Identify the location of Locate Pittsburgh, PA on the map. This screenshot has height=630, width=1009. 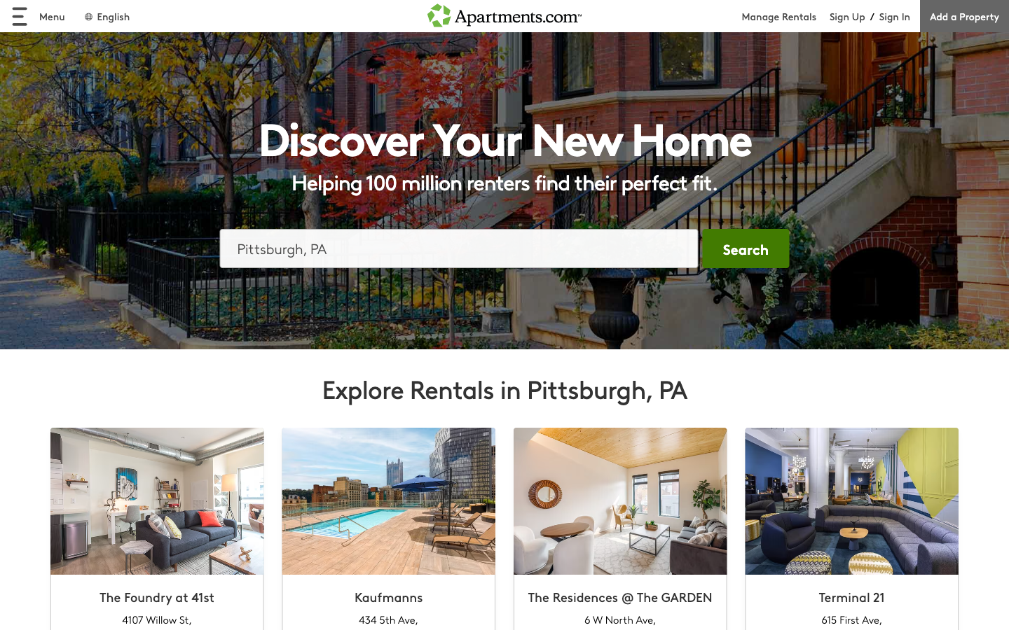
(458, 248).